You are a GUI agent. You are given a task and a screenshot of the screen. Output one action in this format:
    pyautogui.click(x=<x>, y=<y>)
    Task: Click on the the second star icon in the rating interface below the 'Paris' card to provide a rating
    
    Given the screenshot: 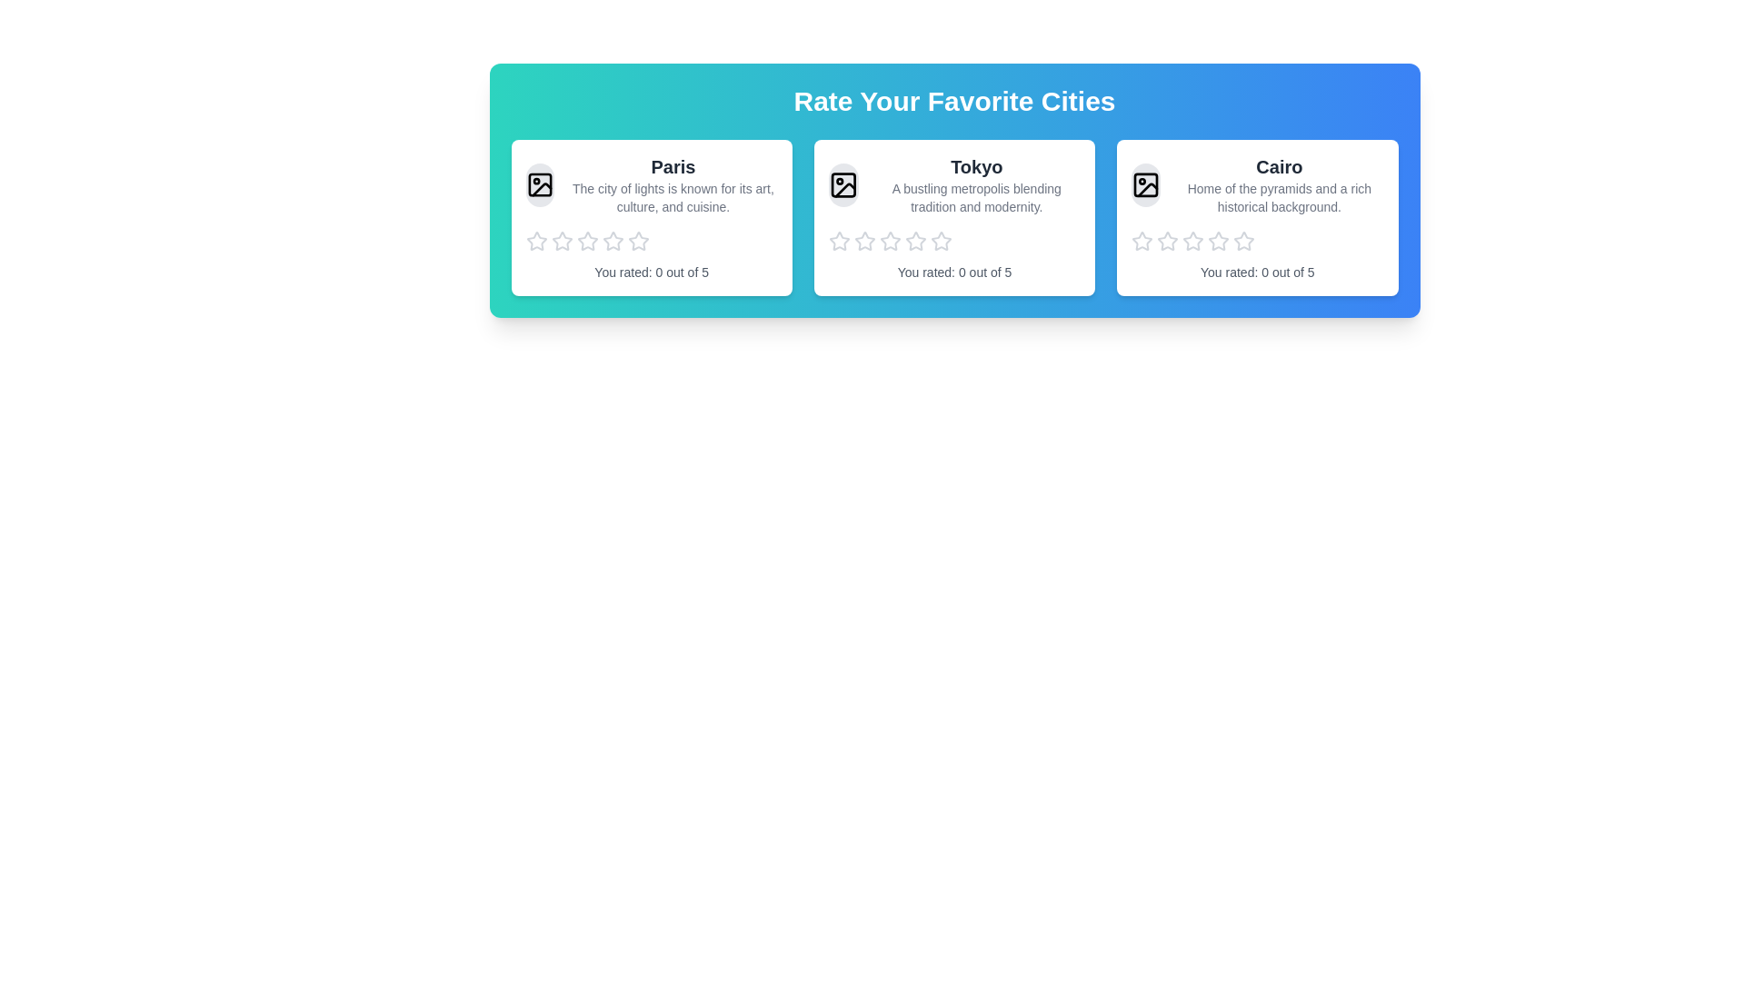 What is the action you would take?
    pyautogui.click(x=561, y=241)
    